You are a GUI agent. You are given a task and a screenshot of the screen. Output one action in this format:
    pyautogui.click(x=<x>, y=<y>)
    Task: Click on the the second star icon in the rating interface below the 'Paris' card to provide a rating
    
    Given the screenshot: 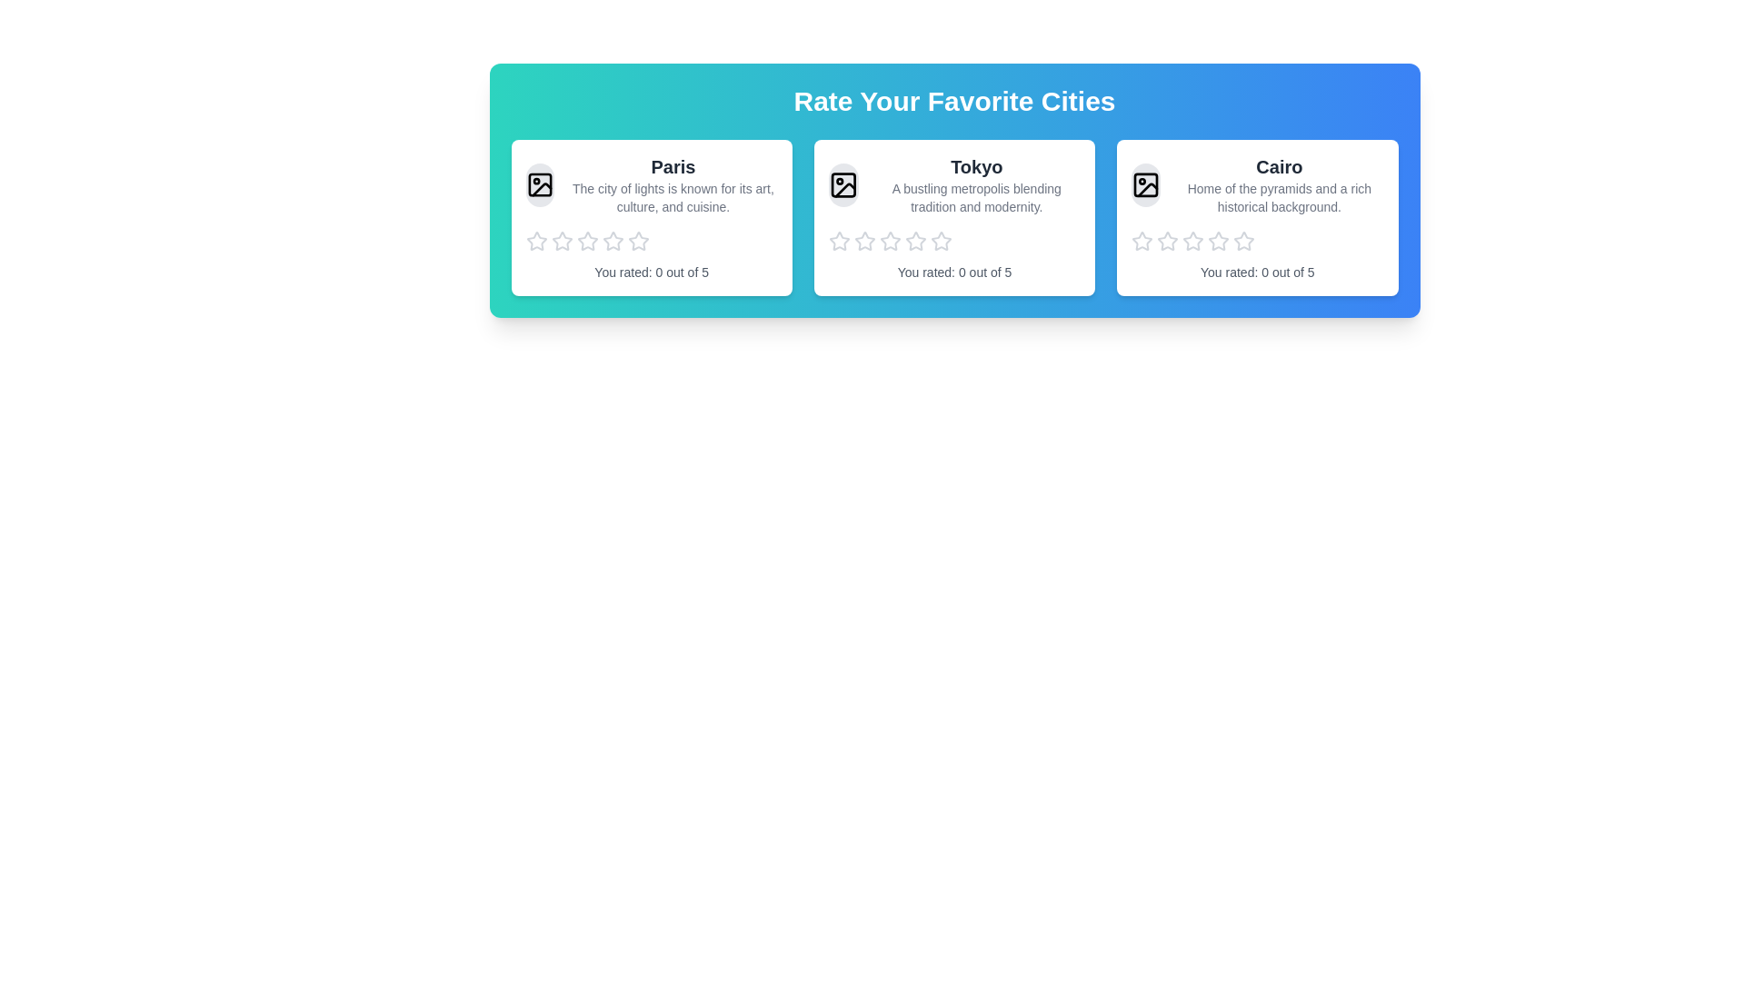 What is the action you would take?
    pyautogui.click(x=561, y=241)
    